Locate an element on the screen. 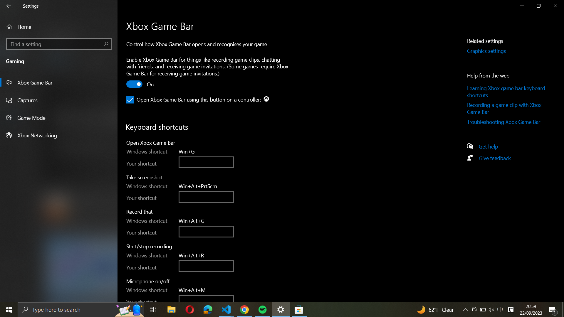 The height and width of the screenshot is (317, 564). the Home section of the settings via the house icon is located at coordinates (59, 27).